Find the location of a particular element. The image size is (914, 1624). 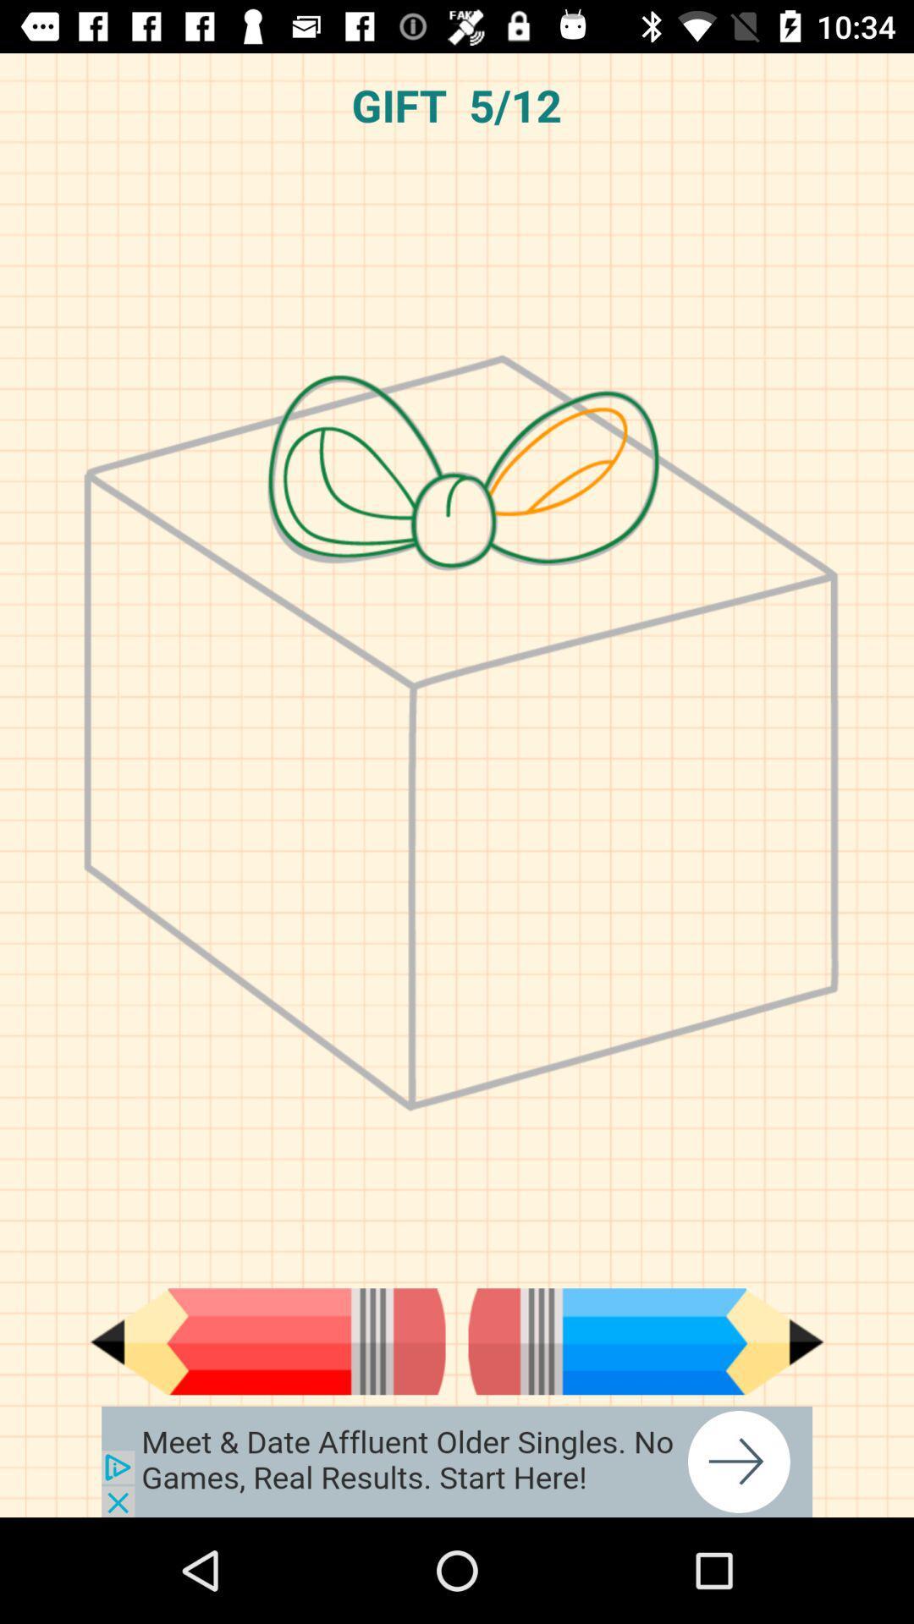

pencil used in text file is located at coordinates (646, 1341).